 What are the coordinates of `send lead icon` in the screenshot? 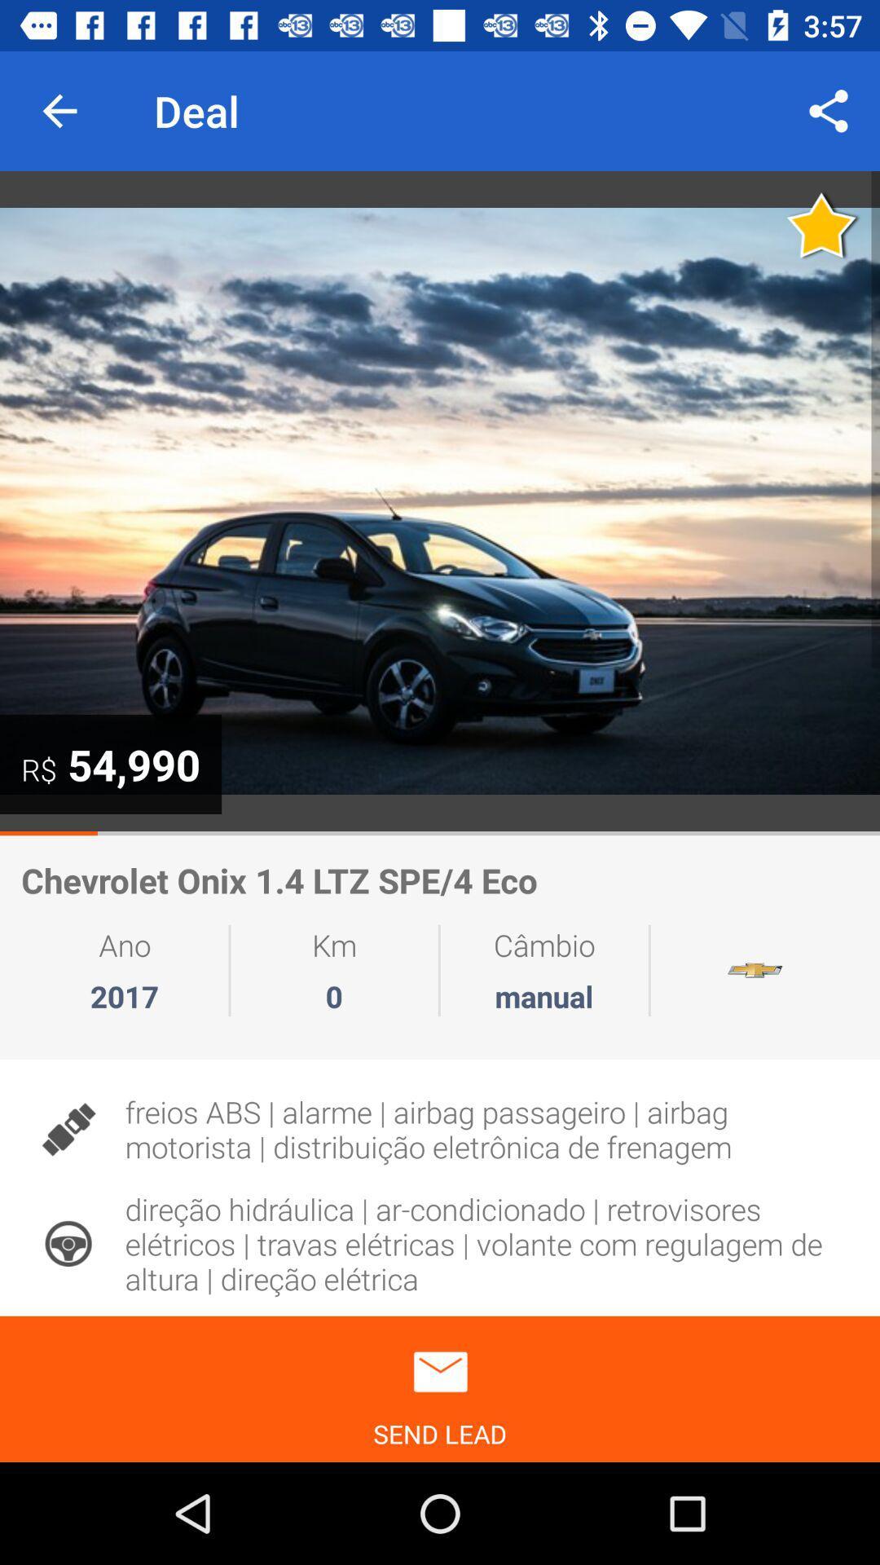 It's located at (440, 1388).